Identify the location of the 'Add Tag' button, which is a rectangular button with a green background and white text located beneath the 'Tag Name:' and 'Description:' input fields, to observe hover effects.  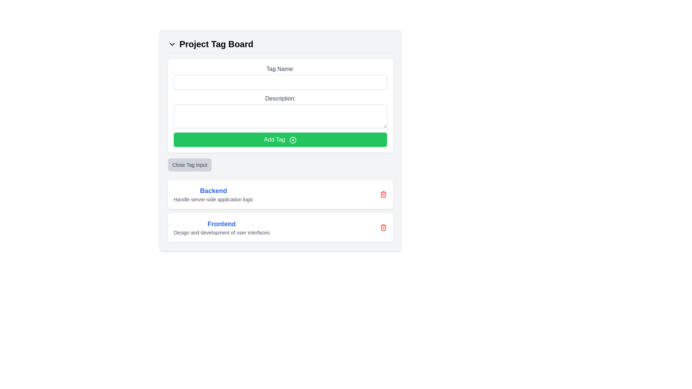
(280, 140).